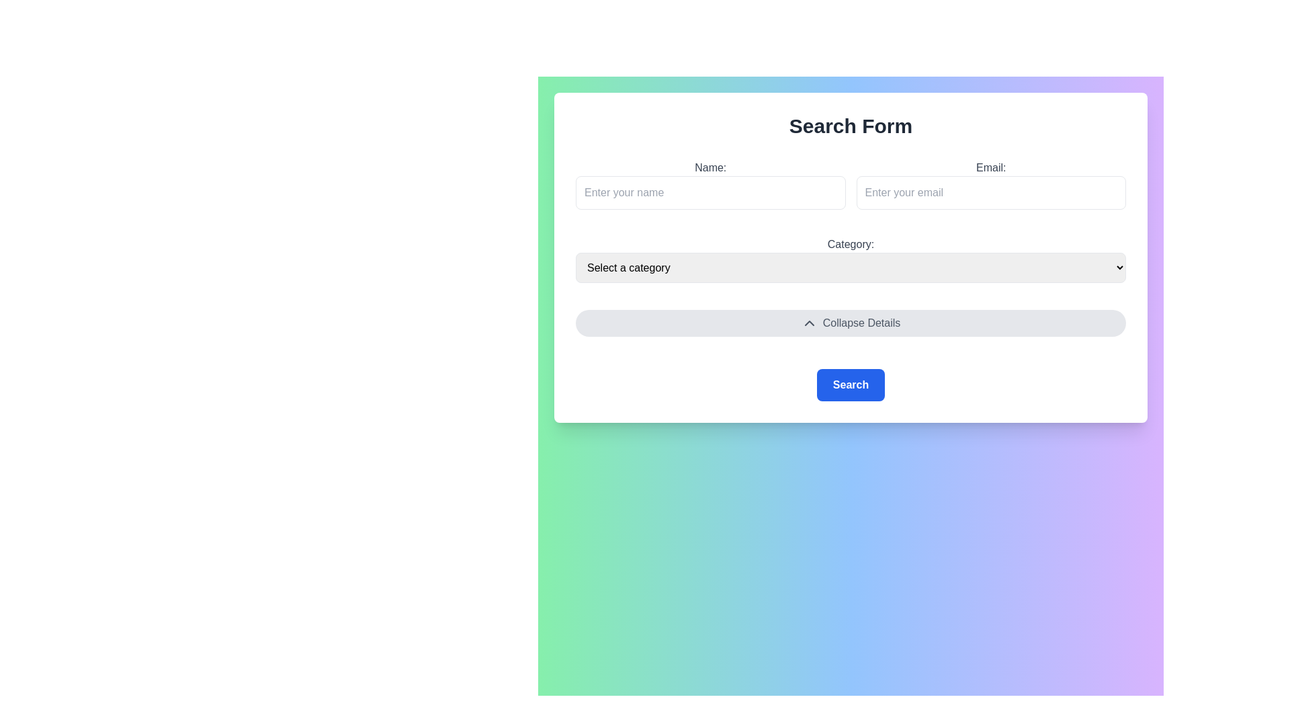  What do you see at coordinates (850, 244) in the screenshot?
I see `the text label reading 'Category:' which is styled in medium-sized, sans-serif font and positioned above the dropdown menu in the 'Search Form' interface` at bounding box center [850, 244].